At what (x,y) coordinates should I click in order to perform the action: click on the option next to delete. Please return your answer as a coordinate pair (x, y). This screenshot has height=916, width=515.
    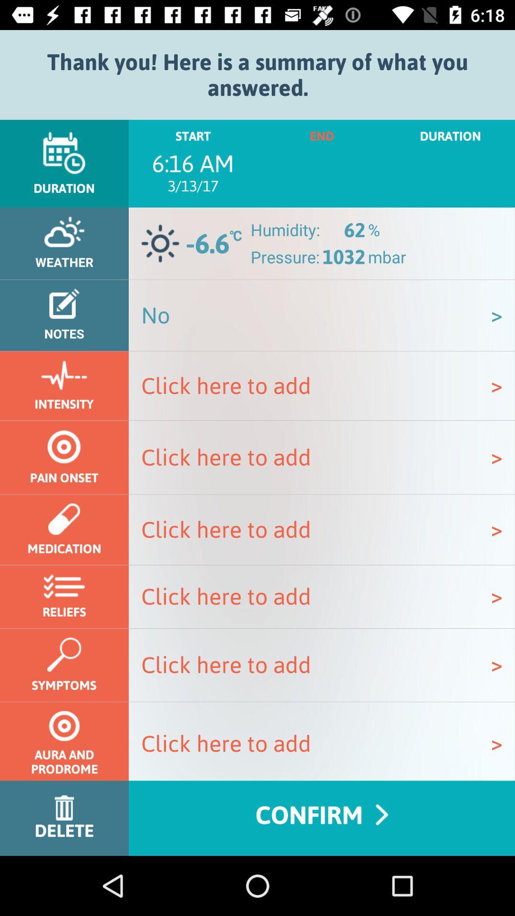
    Looking at the image, I should click on (322, 818).